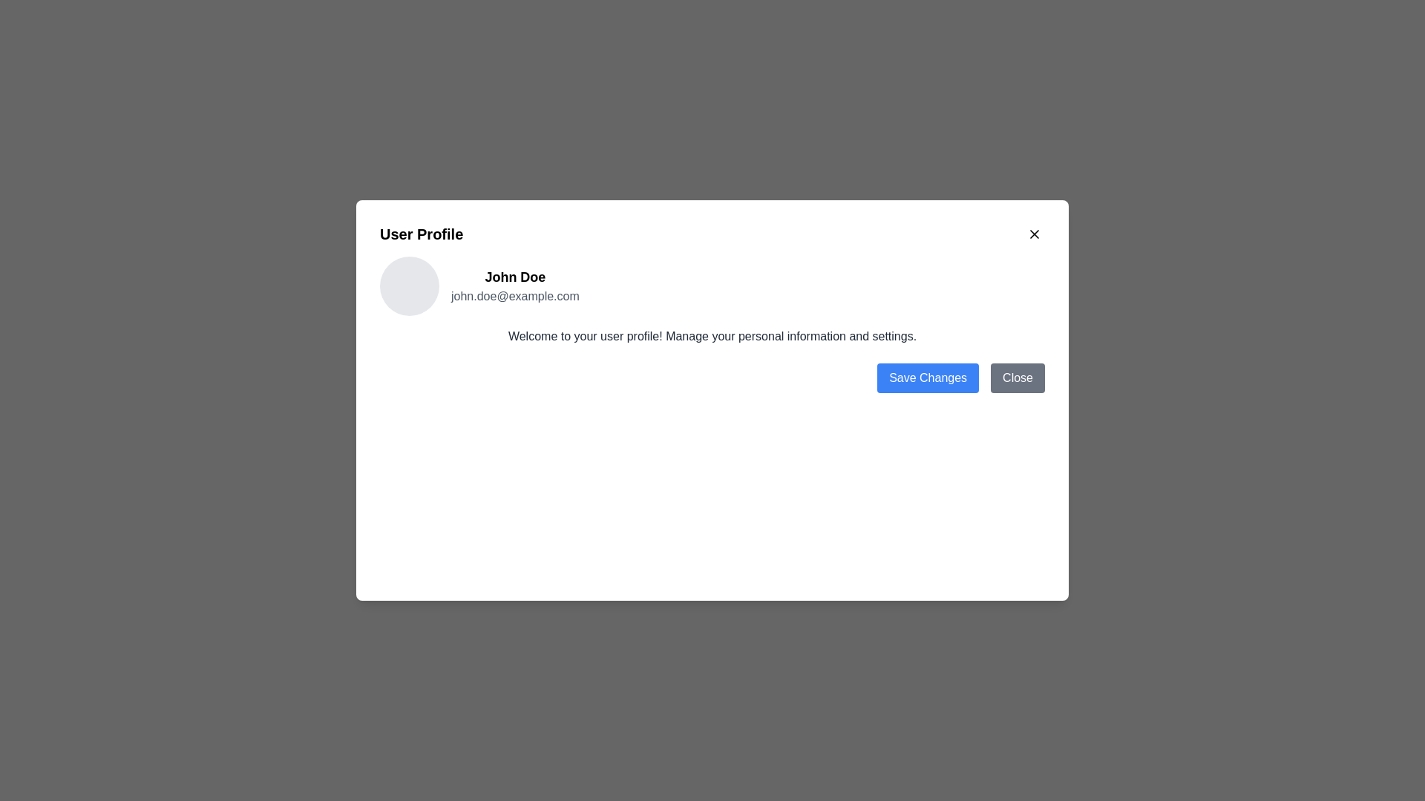 The image size is (1425, 801). I want to click on the close button located in the top-right corner of the modal dialog, so click(1033, 234).